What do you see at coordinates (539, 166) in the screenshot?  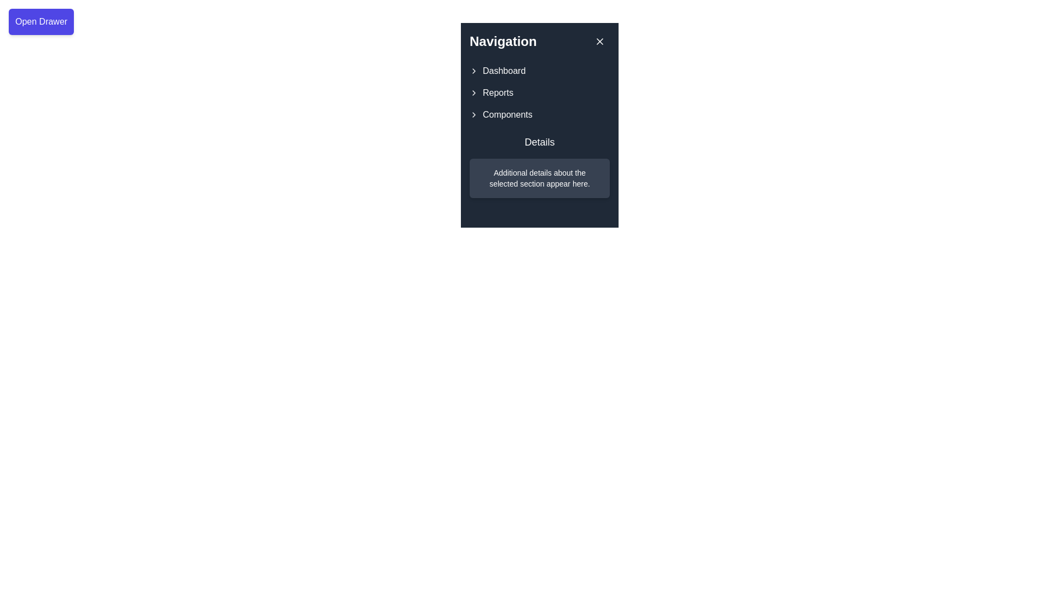 I see `the 'Details' section in the sidebar that contains the heading and additional details about the selected section` at bounding box center [539, 166].